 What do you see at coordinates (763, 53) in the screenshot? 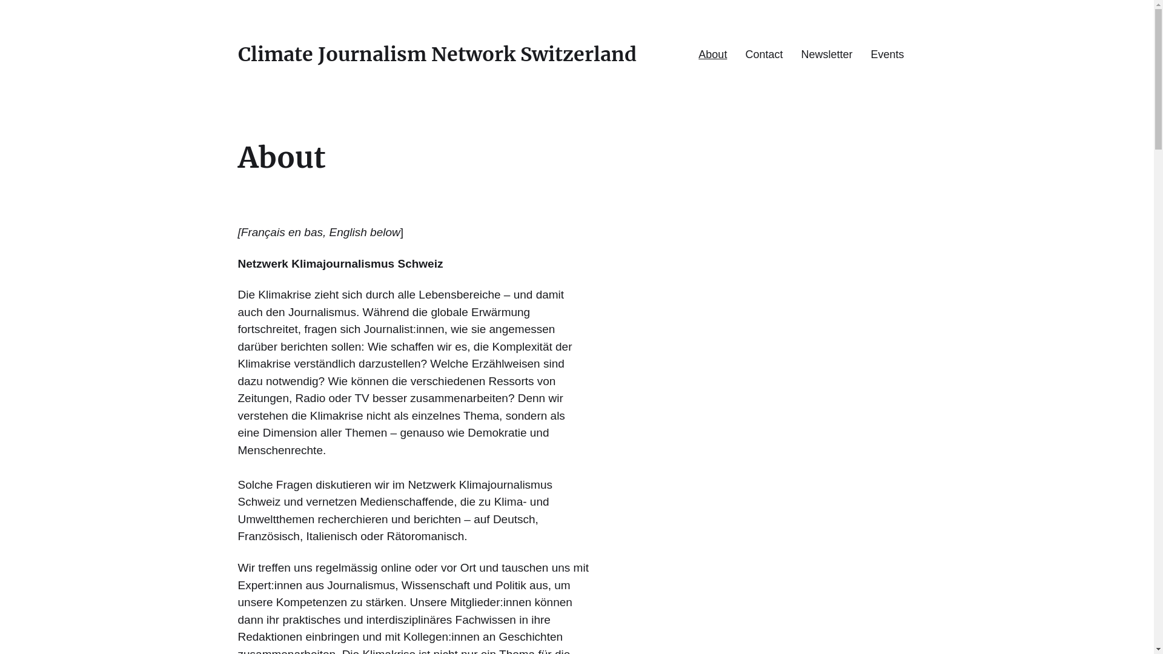
I see `'Contact'` at bounding box center [763, 53].